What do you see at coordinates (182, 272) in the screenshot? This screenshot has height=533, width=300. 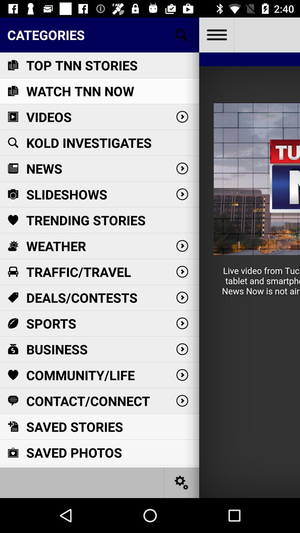 I see `the fifth right scroll icon` at bounding box center [182, 272].